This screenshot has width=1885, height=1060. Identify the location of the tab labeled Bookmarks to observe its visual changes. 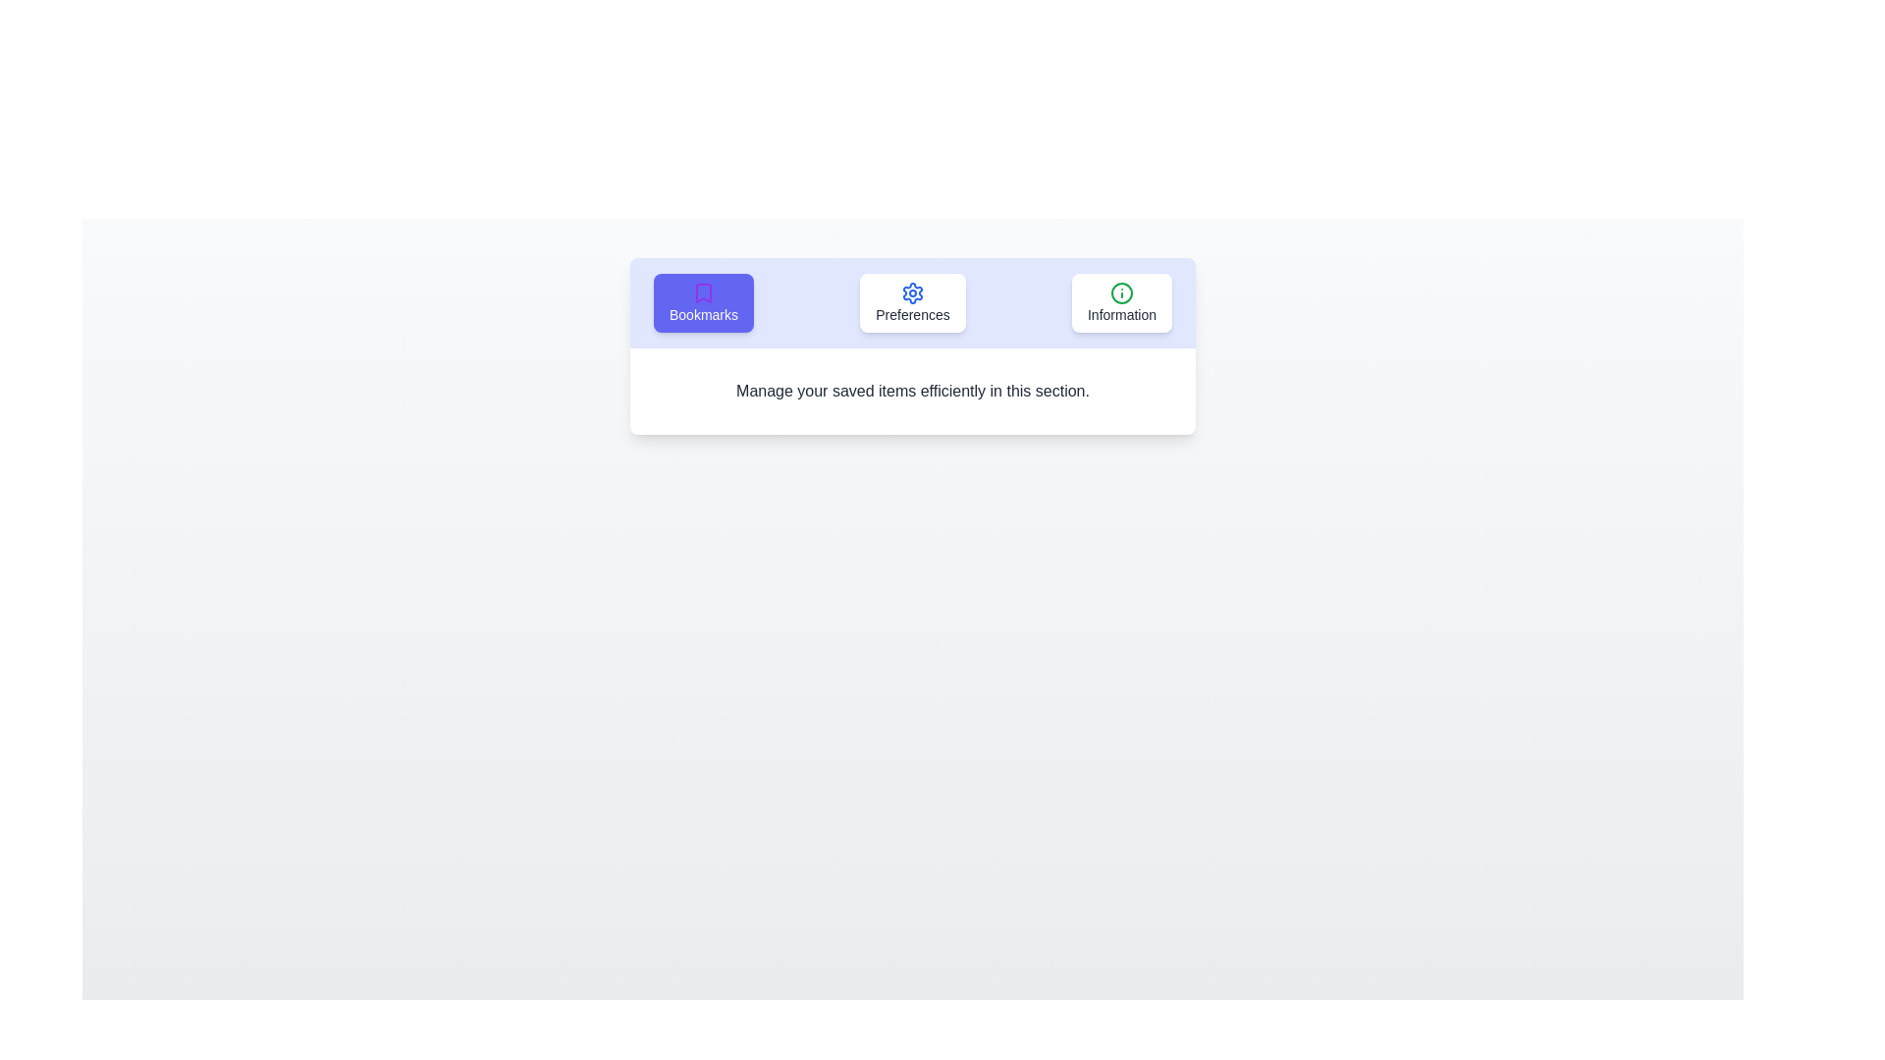
(703, 302).